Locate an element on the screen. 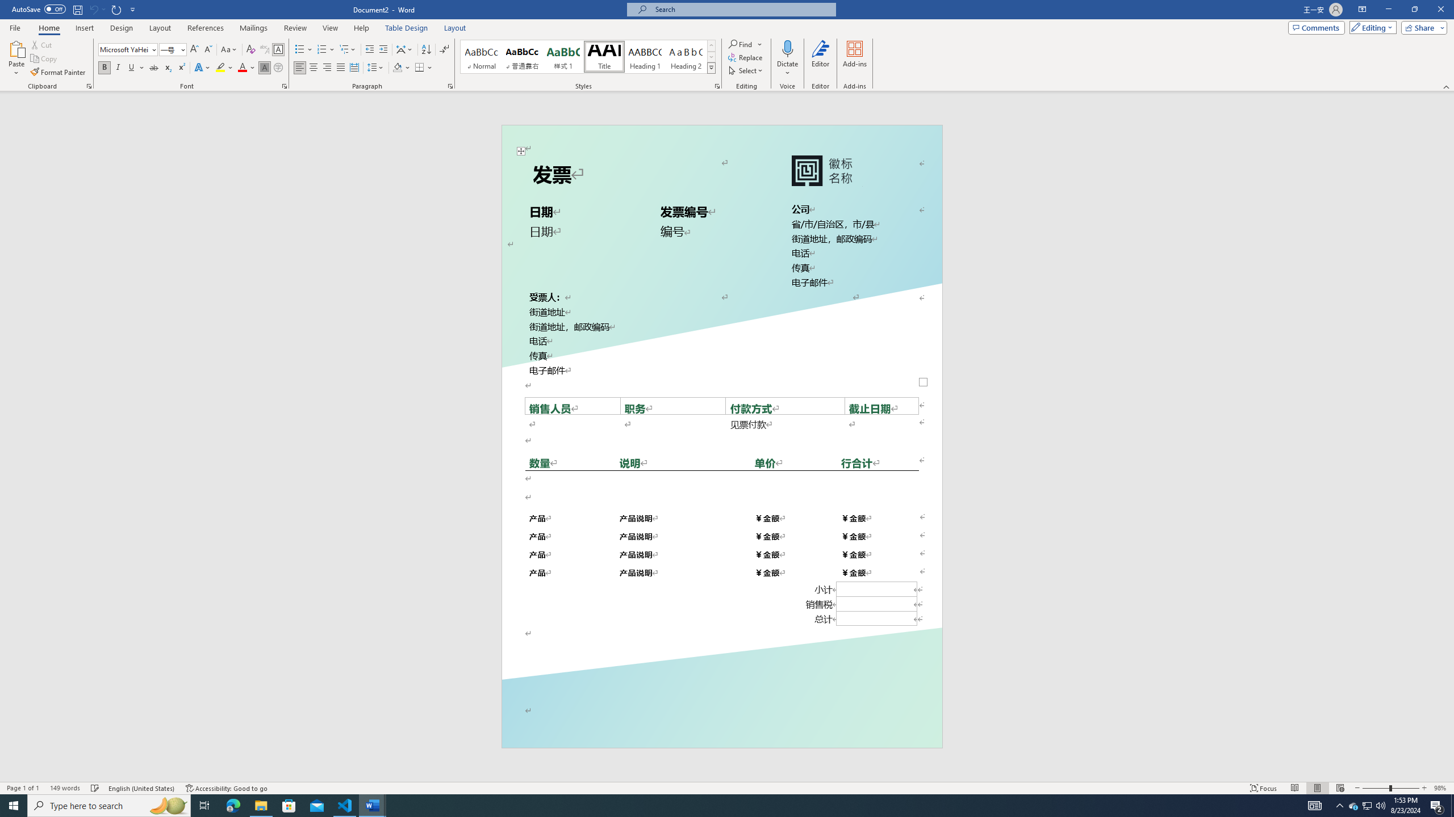 This screenshot has width=1454, height=817. 'Design' is located at coordinates (122, 28).